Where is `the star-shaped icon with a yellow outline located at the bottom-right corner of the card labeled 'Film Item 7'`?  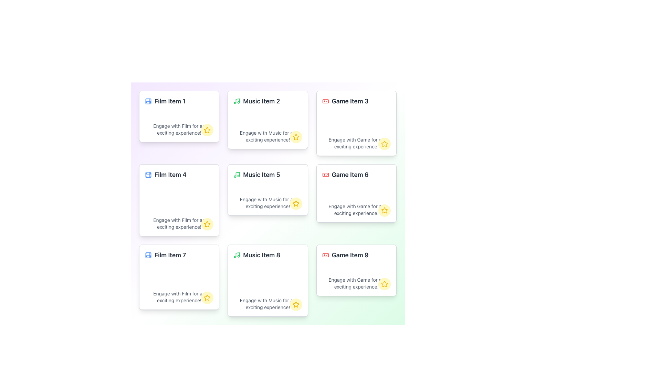 the star-shaped icon with a yellow outline located at the bottom-right corner of the card labeled 'Film Item 7' is located at coordinates (207, 297).